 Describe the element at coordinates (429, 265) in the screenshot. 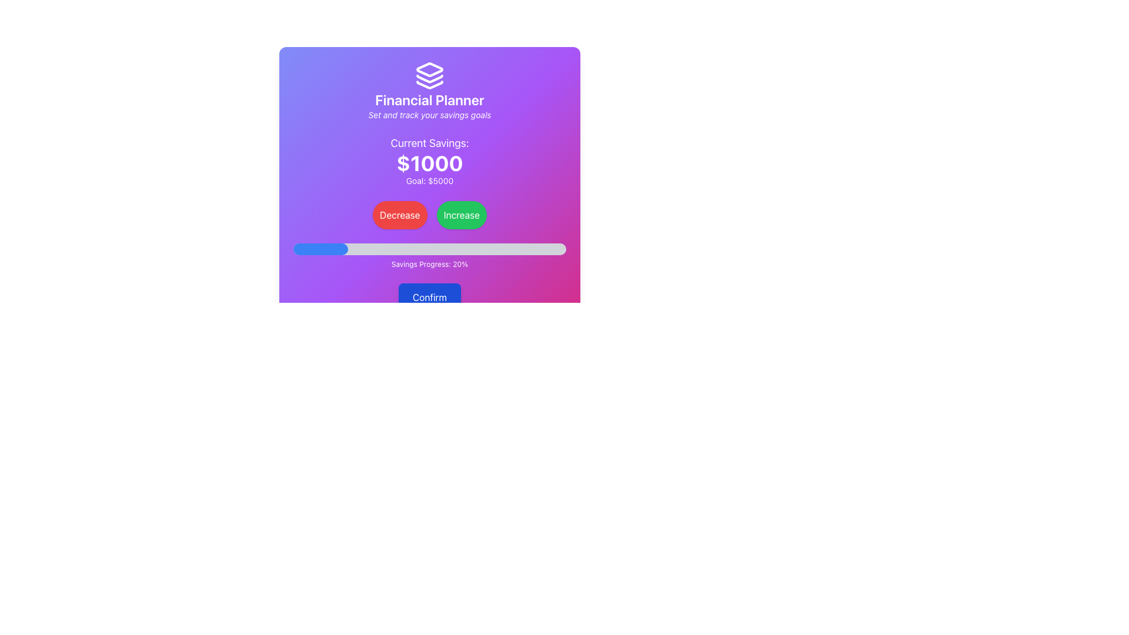

I see `the label displaying 'Savings Progress: 20%' which is located below the progress bar in the savings section of the interface` at that location.